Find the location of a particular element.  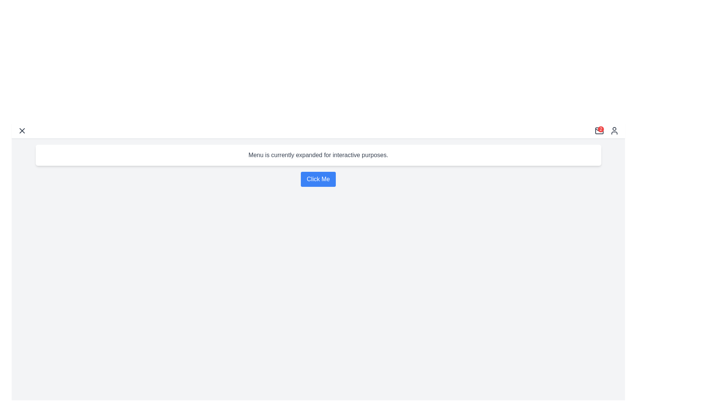

the SVG rectangle that visually represents the lower-left section of the mail icon, contributing to the recognition of its purpose is located at coordinates (599, 130).